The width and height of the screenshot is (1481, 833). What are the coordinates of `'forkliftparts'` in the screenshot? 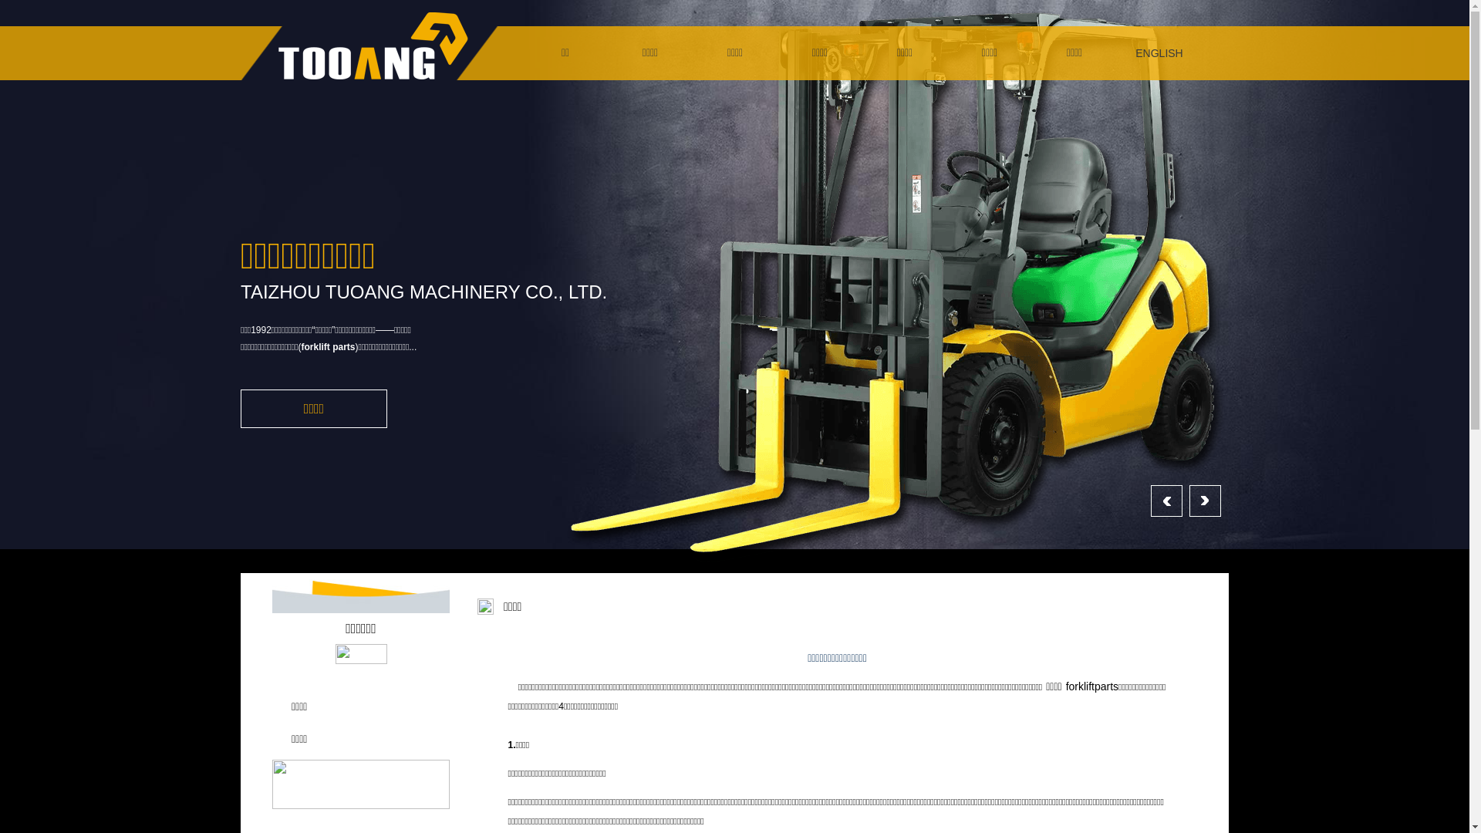 It's located at (1091, 686).